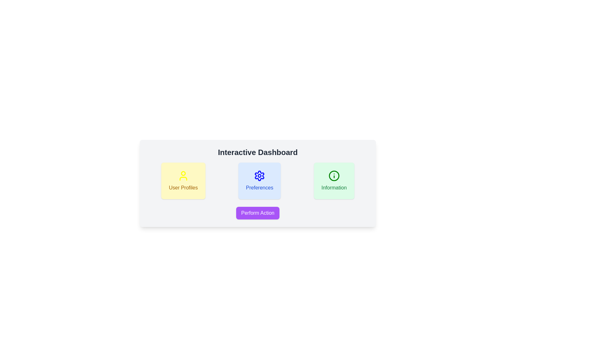 The height and width of the screenshot is (341, 607). Describe the element at coordinates (260, 176) in the screenshot. I see `the small circular shape located inside the gear icon in the 'Preferences' section of the dashboard interface` at that location.